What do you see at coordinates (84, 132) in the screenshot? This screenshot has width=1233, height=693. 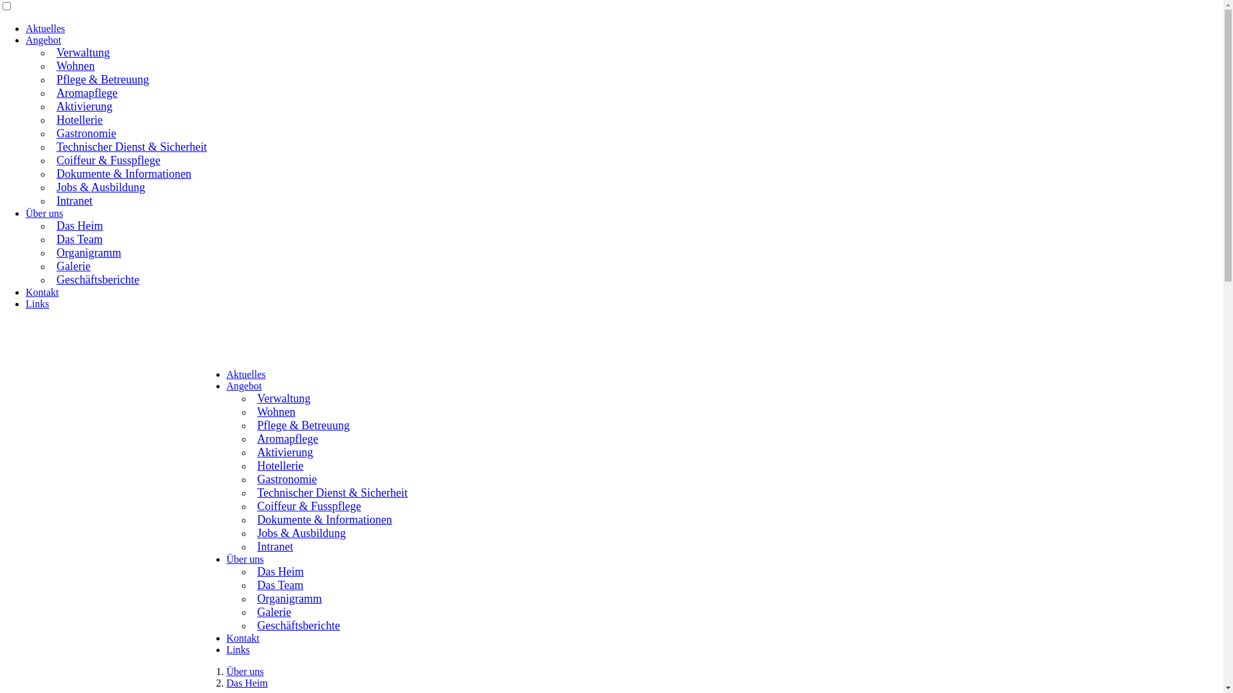 I see `'Gastronomie'` at bounding box center [84, 132].